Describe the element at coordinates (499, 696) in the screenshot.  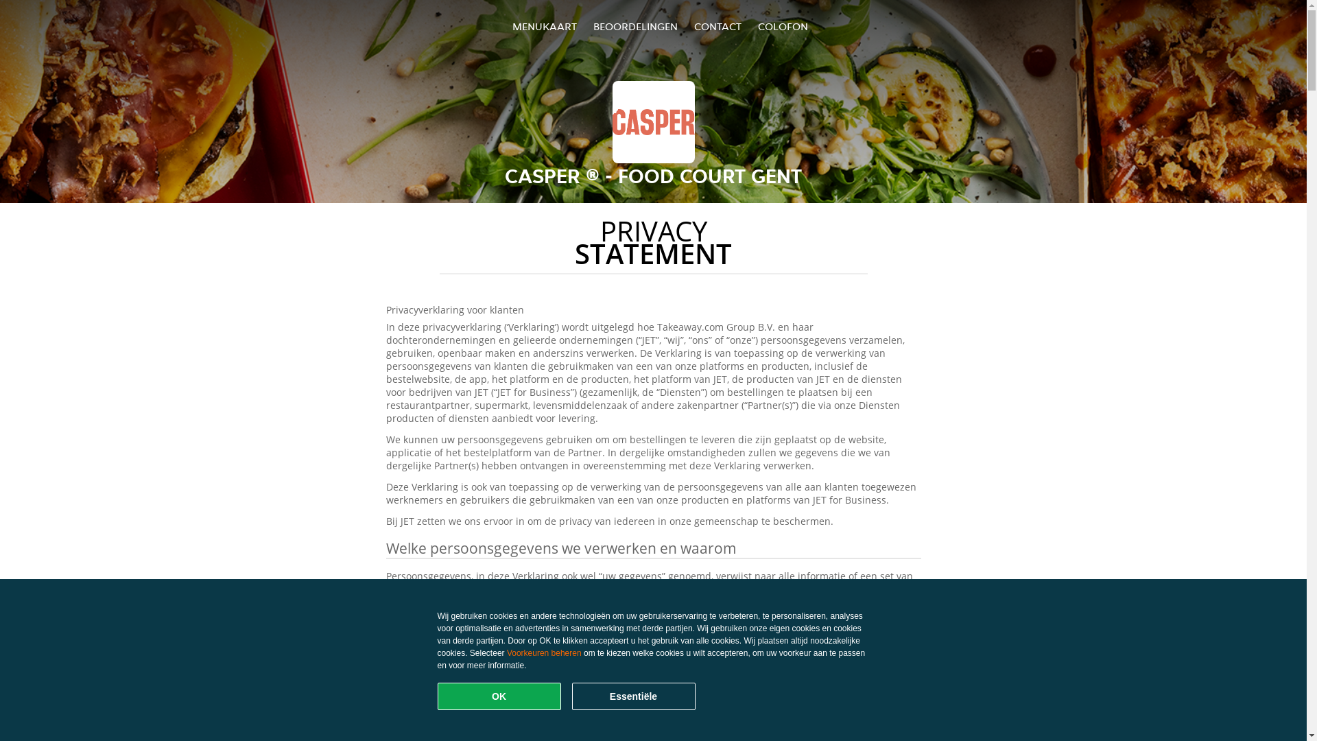
I see `'OK'` at that location.